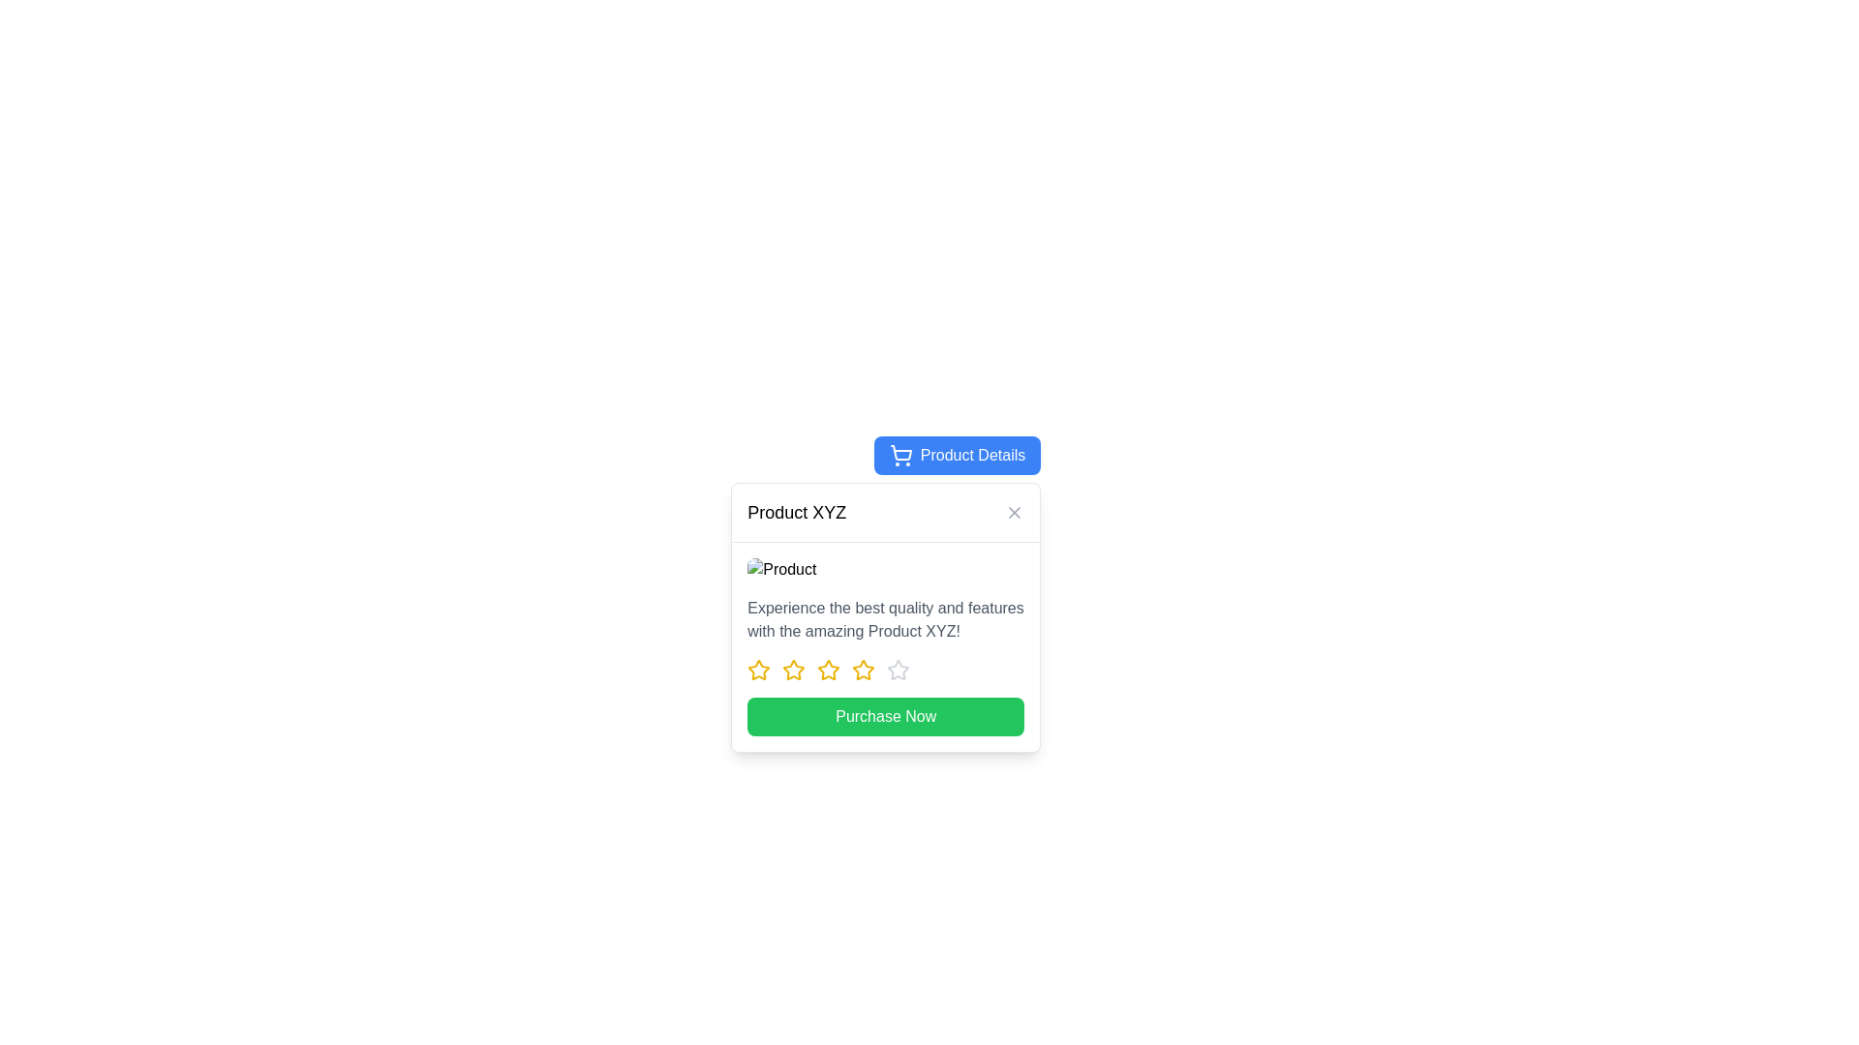 The height and width of the screenshot is (1045, 1859). Describe the element at coordinates (972, 455) in the screenshot. I see `the 'Product Details' label which is styled with white text on a blue background and is part of a button structure, positioned to the right of the shopping cart icon` at that location.